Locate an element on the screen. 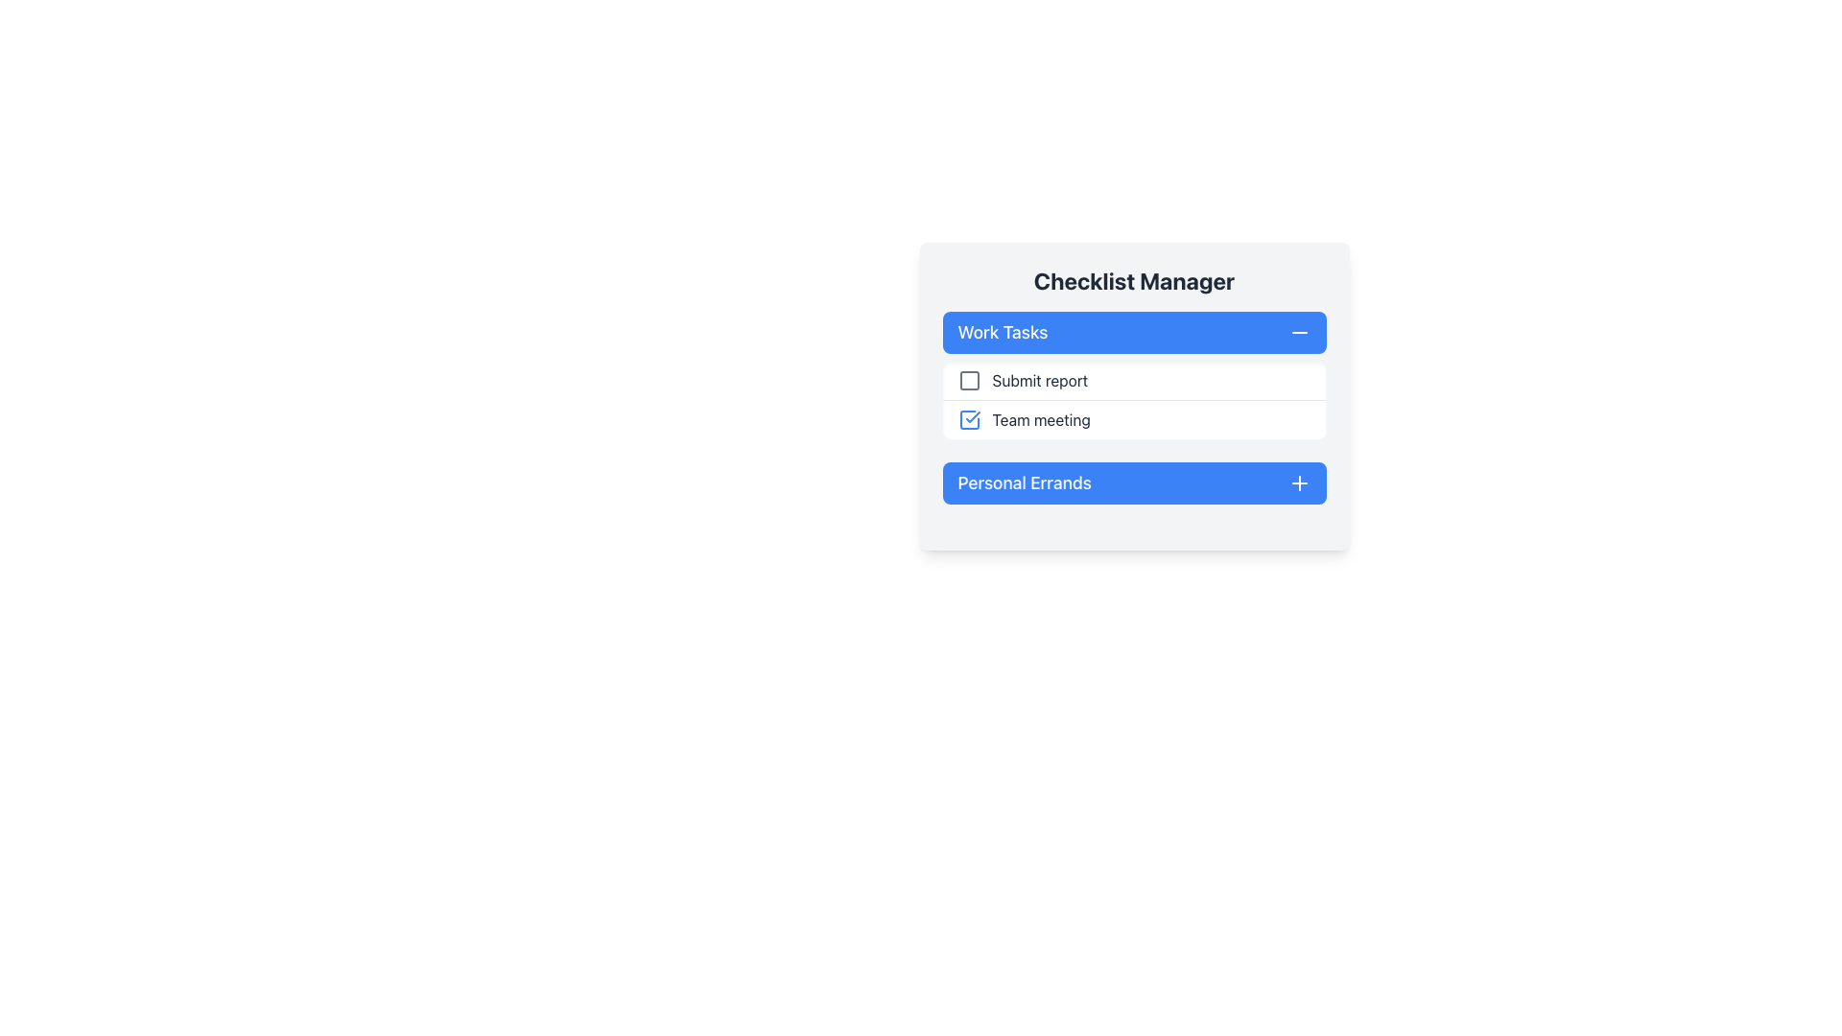  the 'Submit report' checklist item is located at coordinates (1134, 381).